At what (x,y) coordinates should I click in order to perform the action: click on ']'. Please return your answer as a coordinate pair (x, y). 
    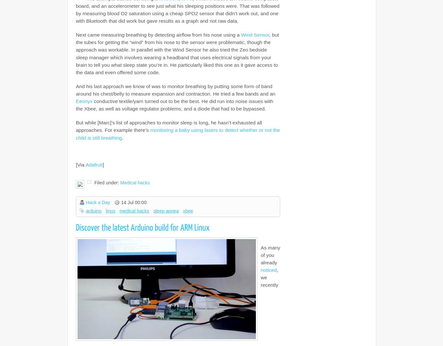
    Looking at the image, I should click on (103, 164).